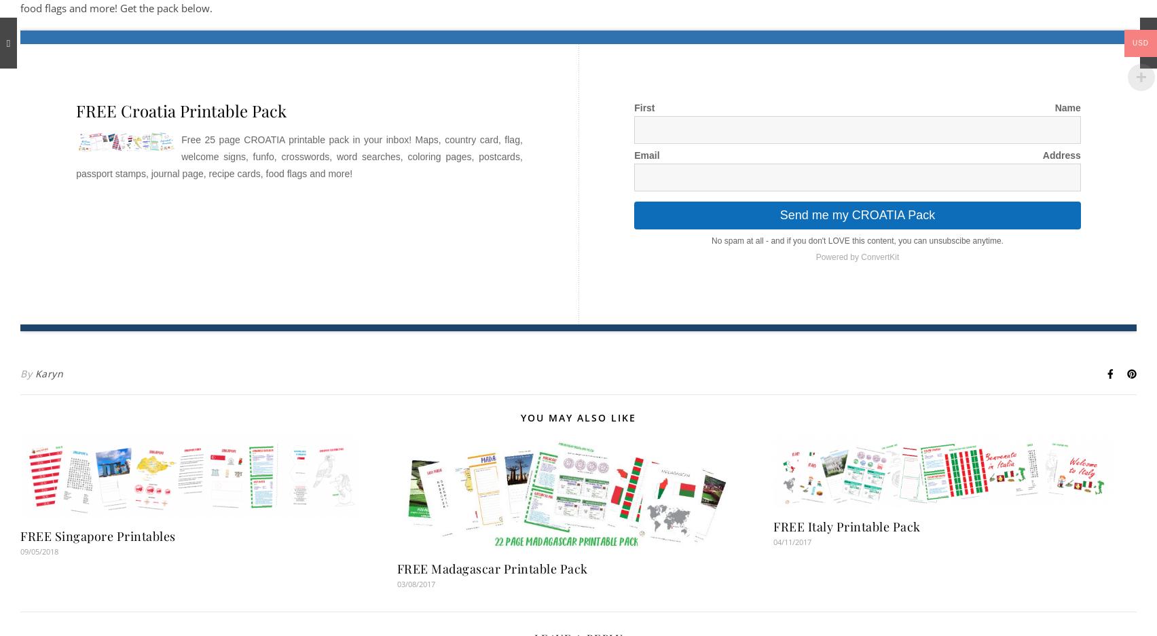  I want to click on '04/11/2017', so click(792, 541).